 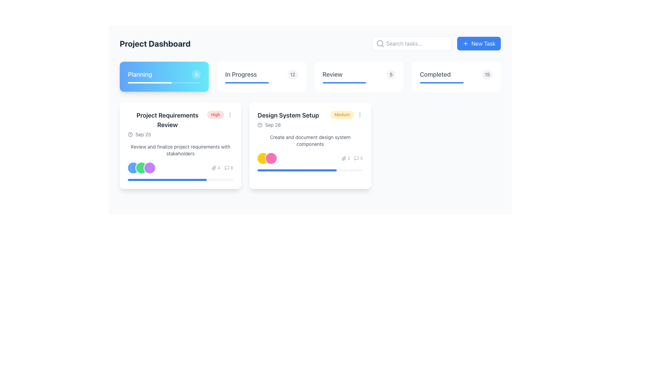 What do you see at coordinates (155, 43) in the screenshot?
I see `the Text Label displaying 'Project Dashboard' in bold, large dark gray font, located in the top-left section of the interface` at bounding box center [155, 43].